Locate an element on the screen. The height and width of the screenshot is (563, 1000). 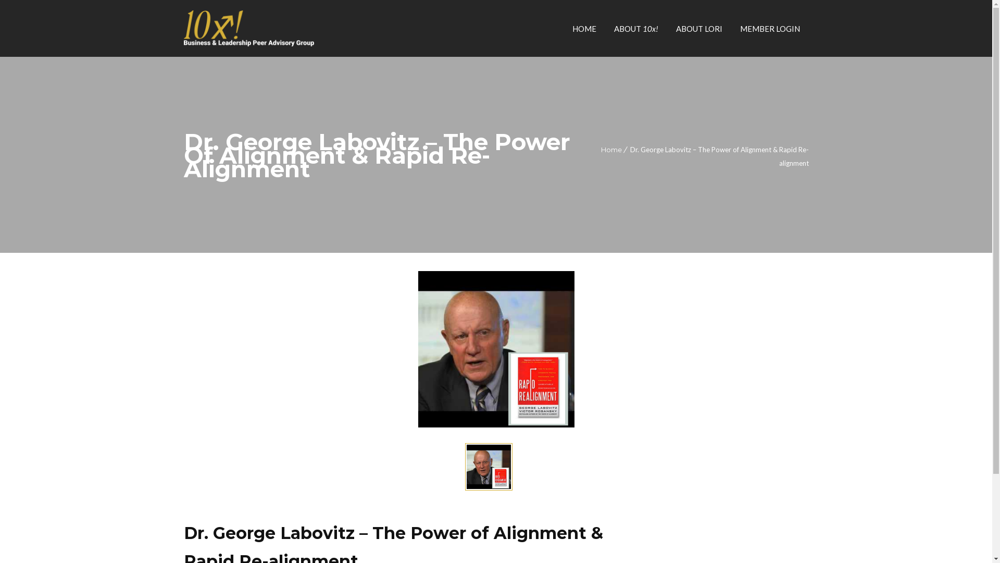
'10x! Peers' is located at coordinates (247, 28).